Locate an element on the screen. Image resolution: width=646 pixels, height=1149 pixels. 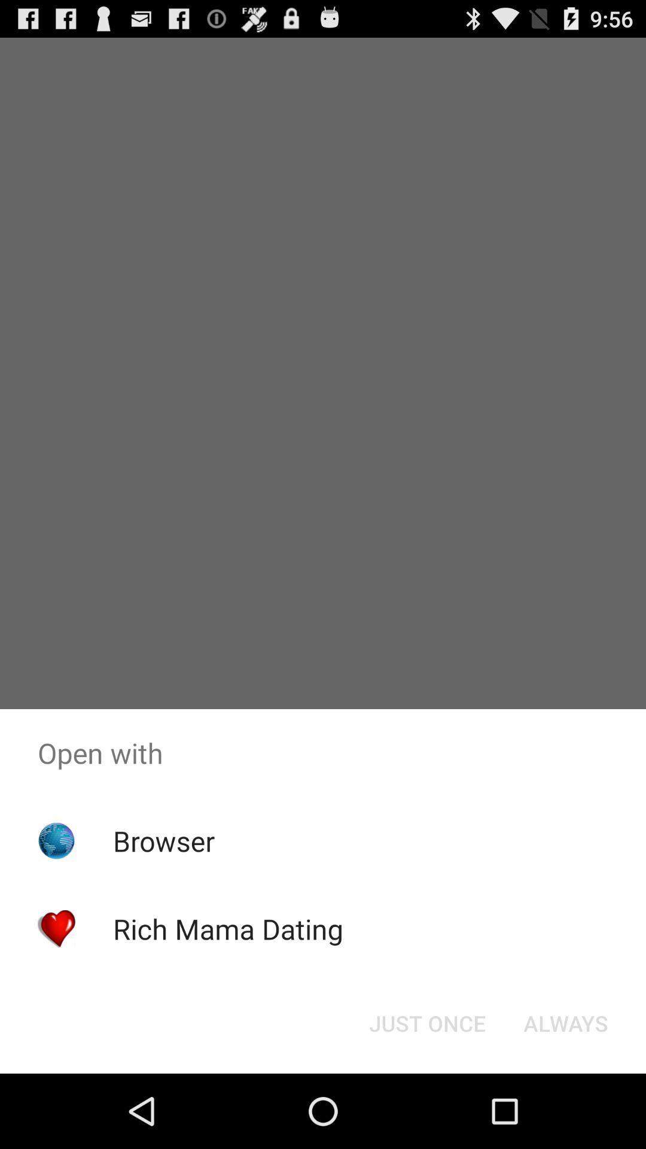
icon below open with is located at coordinates (426, 1022).